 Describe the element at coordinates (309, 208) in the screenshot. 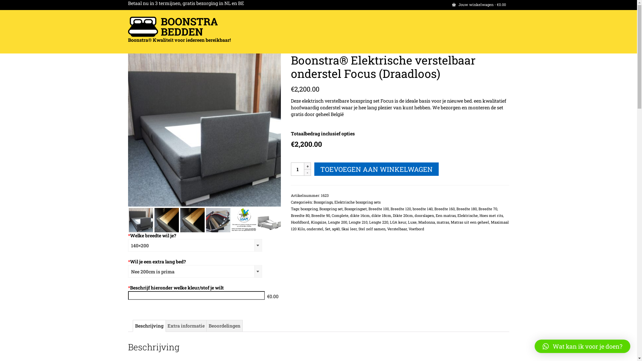

I see `'boxspring'` at that location.